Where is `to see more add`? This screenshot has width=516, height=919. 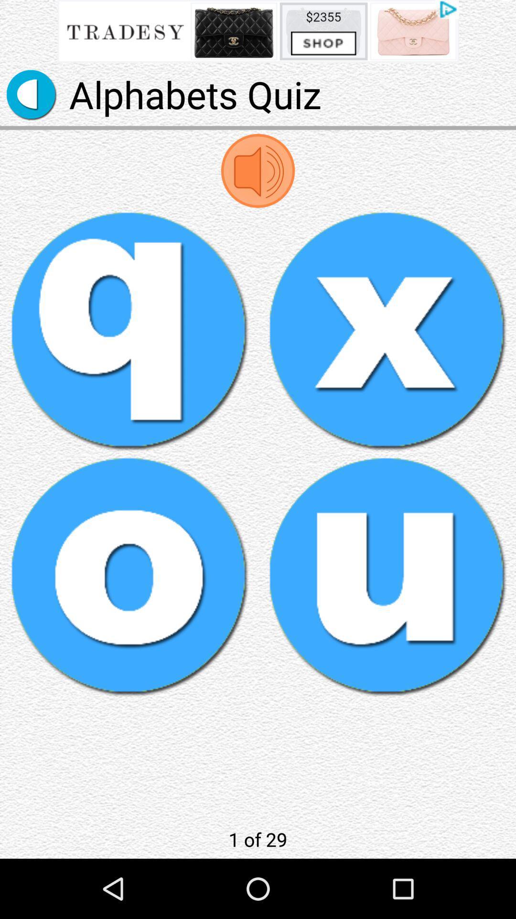 to see more add is located at coordinates (258, 31).